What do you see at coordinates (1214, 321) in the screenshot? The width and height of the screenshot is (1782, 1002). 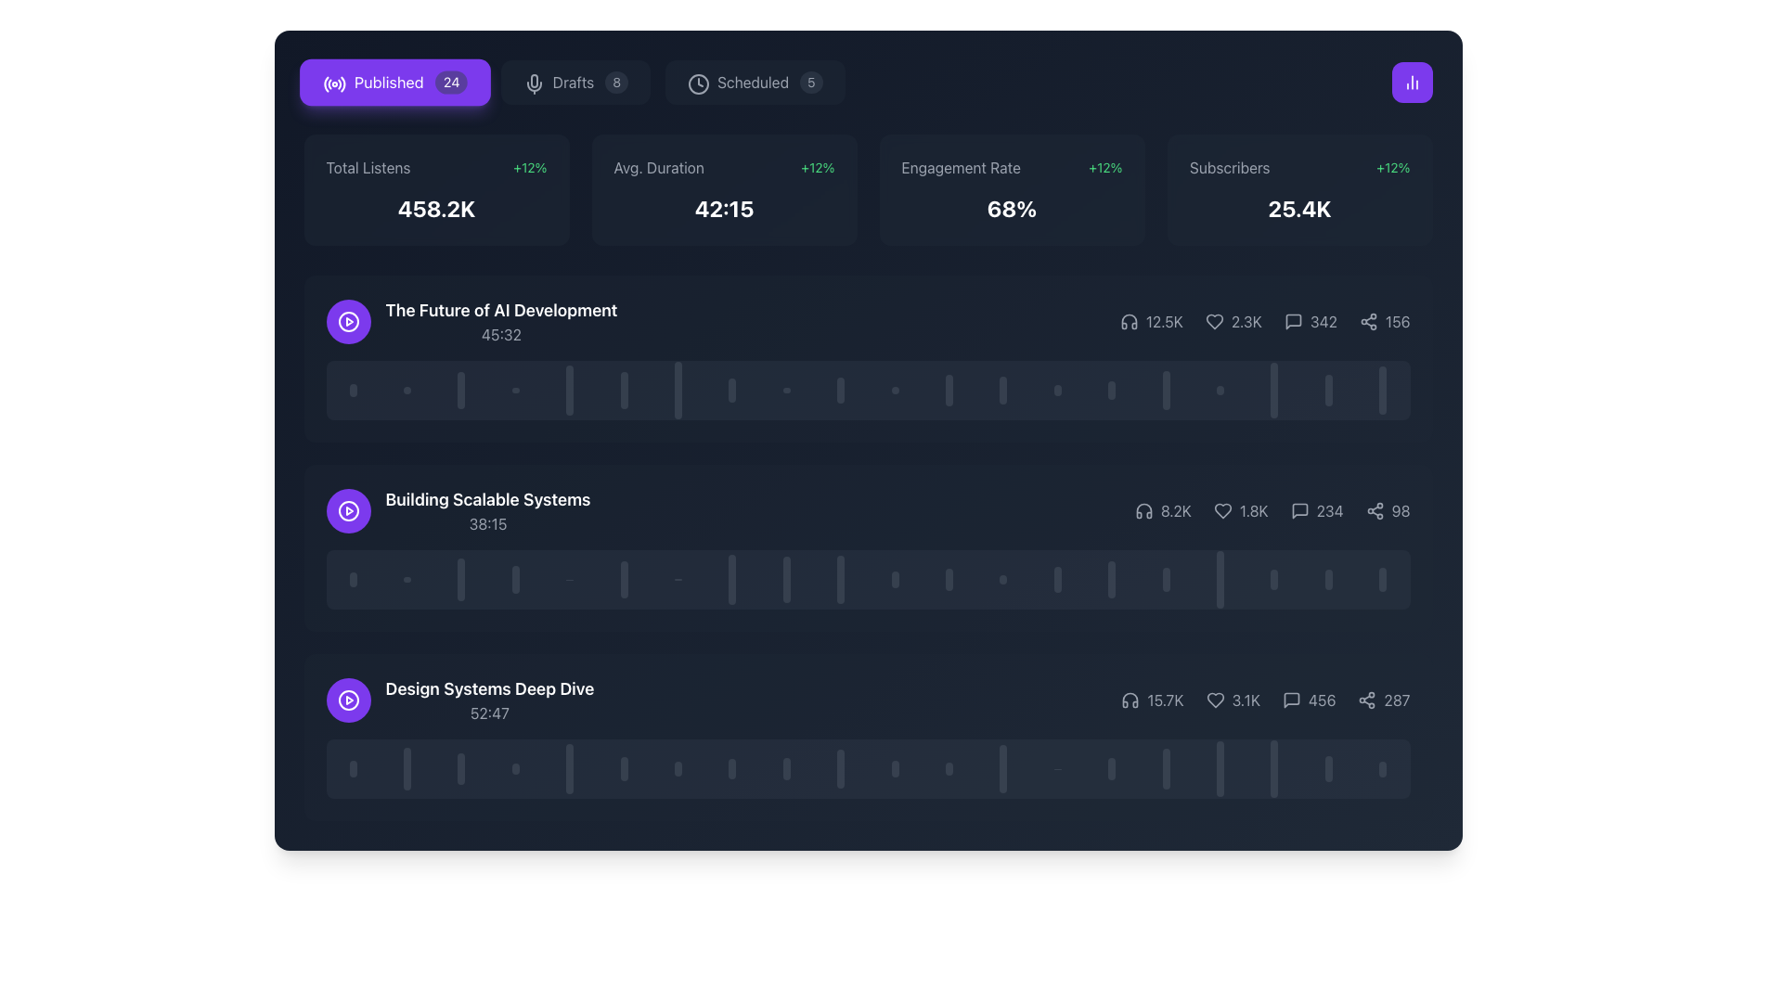 I see `the heart-shaped icon representing the 'like' functionality located in the statistics section of a podcast entry, which is aligned to the left of the likes count '2.3K'` at bounding box center [1214, 321].